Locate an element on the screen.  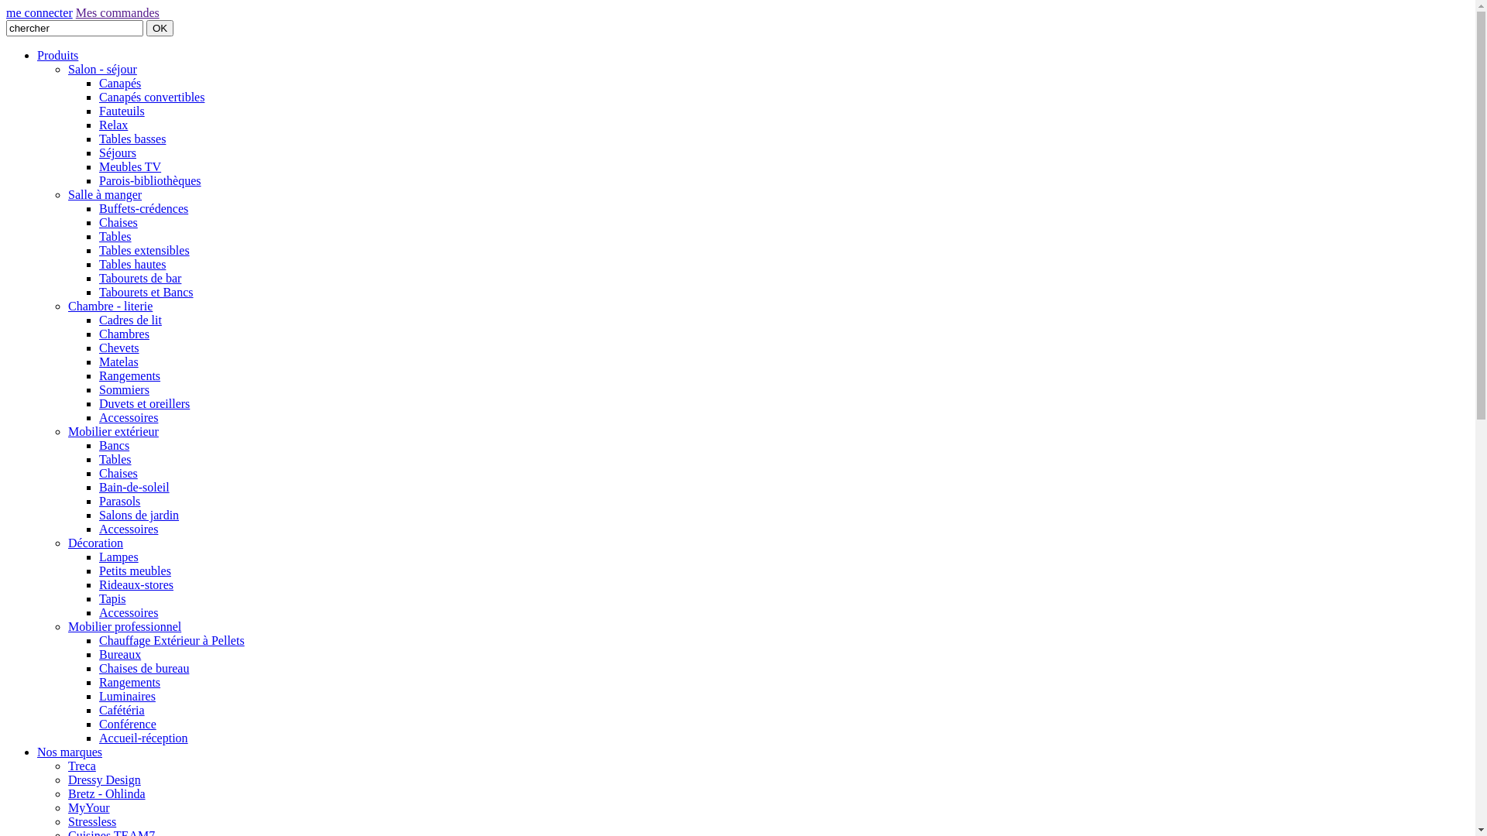
'Tables hautes' is located at coordinates (132, 263).